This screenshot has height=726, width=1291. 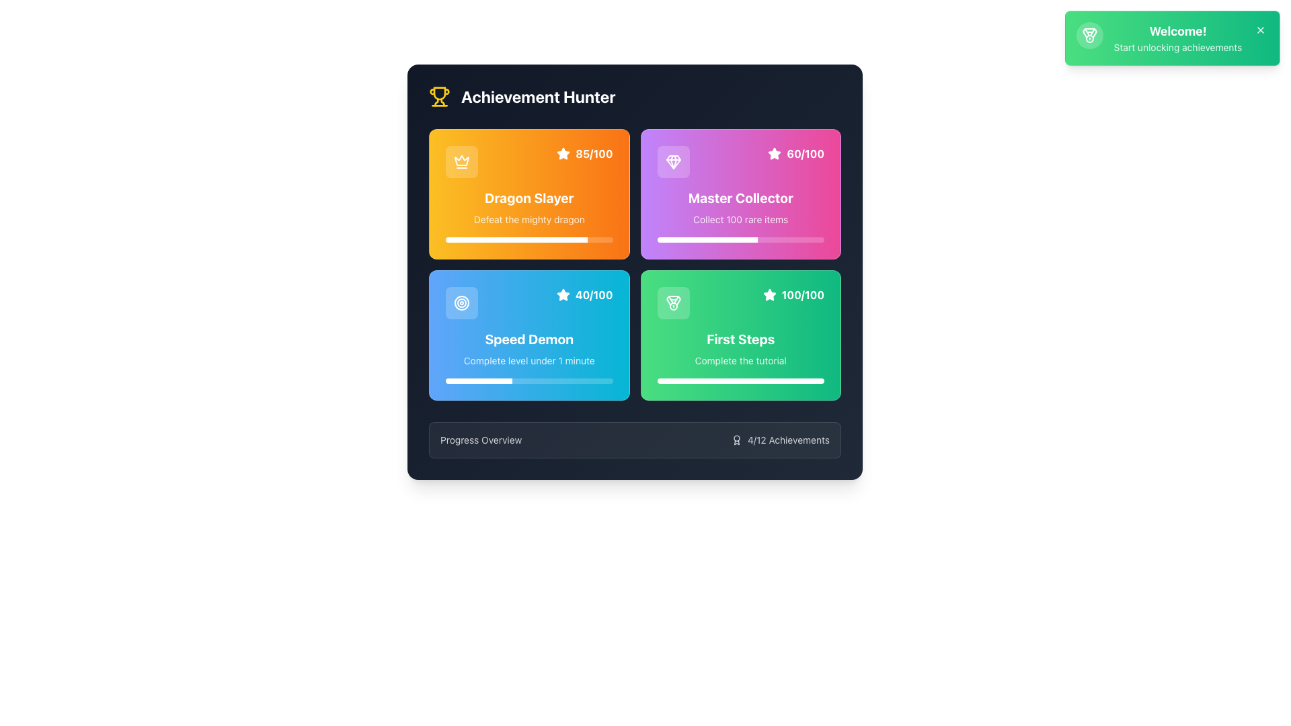 What do you see at coordinates (529, 219) in the screenshot?
I see `text component displaying 'Defeat the mighty dragon' located within the top-left orange card of the grid, just below the title 'Dragon Slayer'` at bounding box center [529, 219].